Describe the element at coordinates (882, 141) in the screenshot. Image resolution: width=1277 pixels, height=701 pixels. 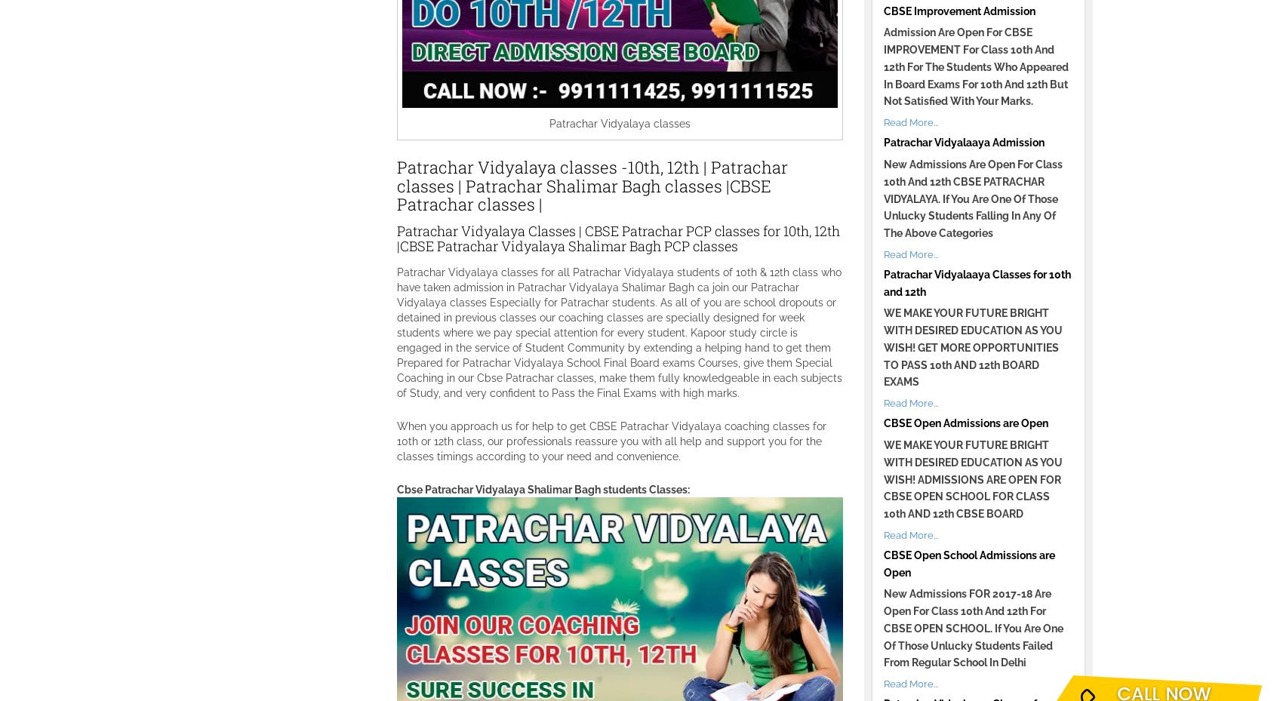
I see `'Patrachar Vidyalaaya Admission'` at that location.